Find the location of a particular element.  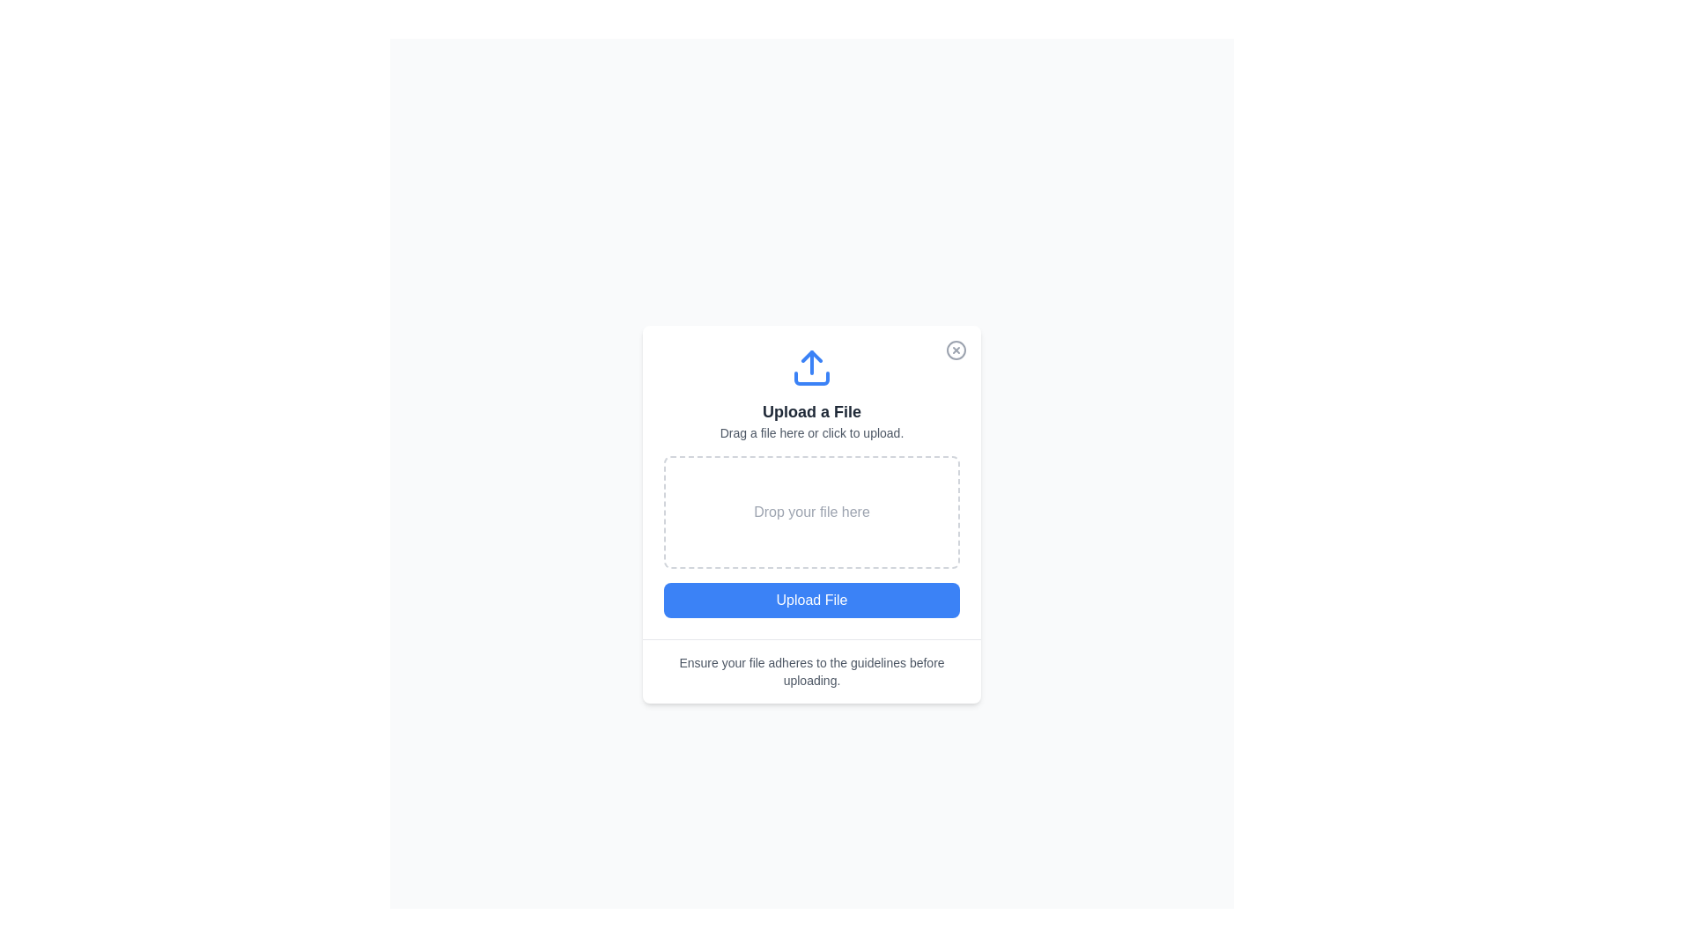

a file over the File upload interface with a white background, rounded corners, and drop-shadow effect, then drop it is located at coordinates (810, 513).